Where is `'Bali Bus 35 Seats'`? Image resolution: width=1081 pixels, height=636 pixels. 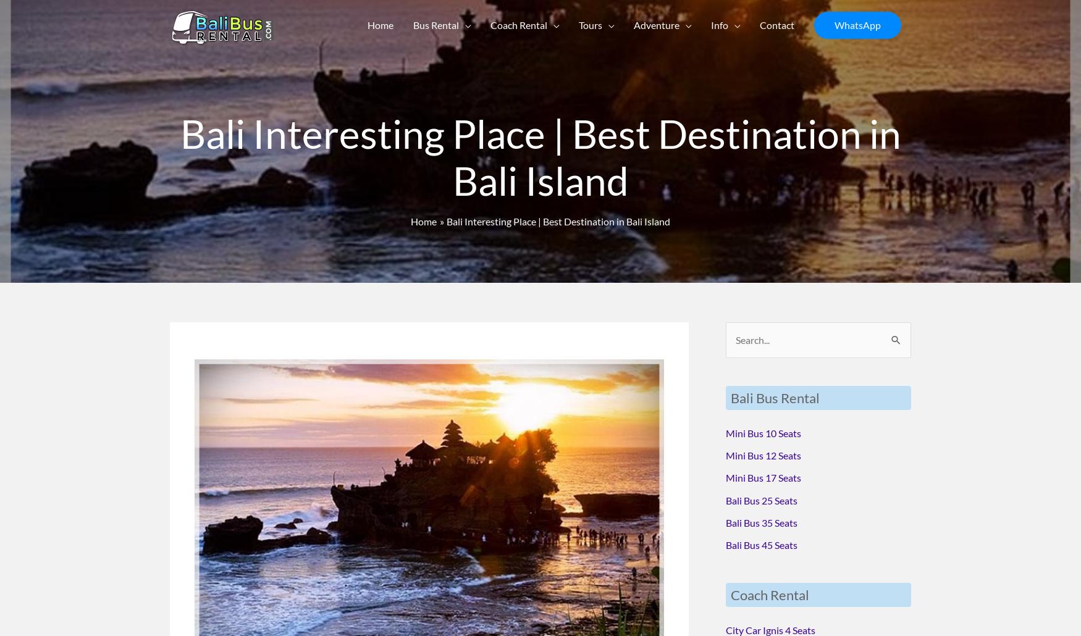 'Bali Bus 35 Seats' is located at coordinates (762, 521).